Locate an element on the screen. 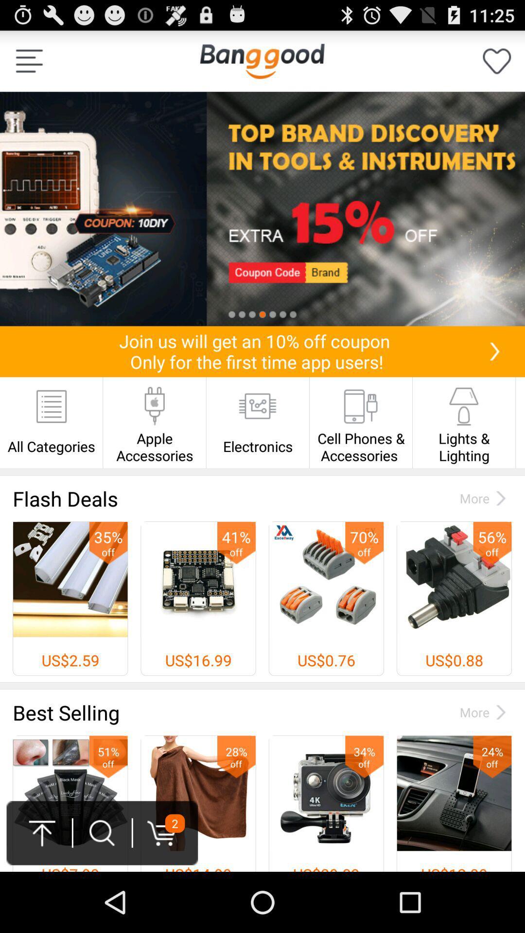  the icon at the top left corner is located at coordinates (29, 60).